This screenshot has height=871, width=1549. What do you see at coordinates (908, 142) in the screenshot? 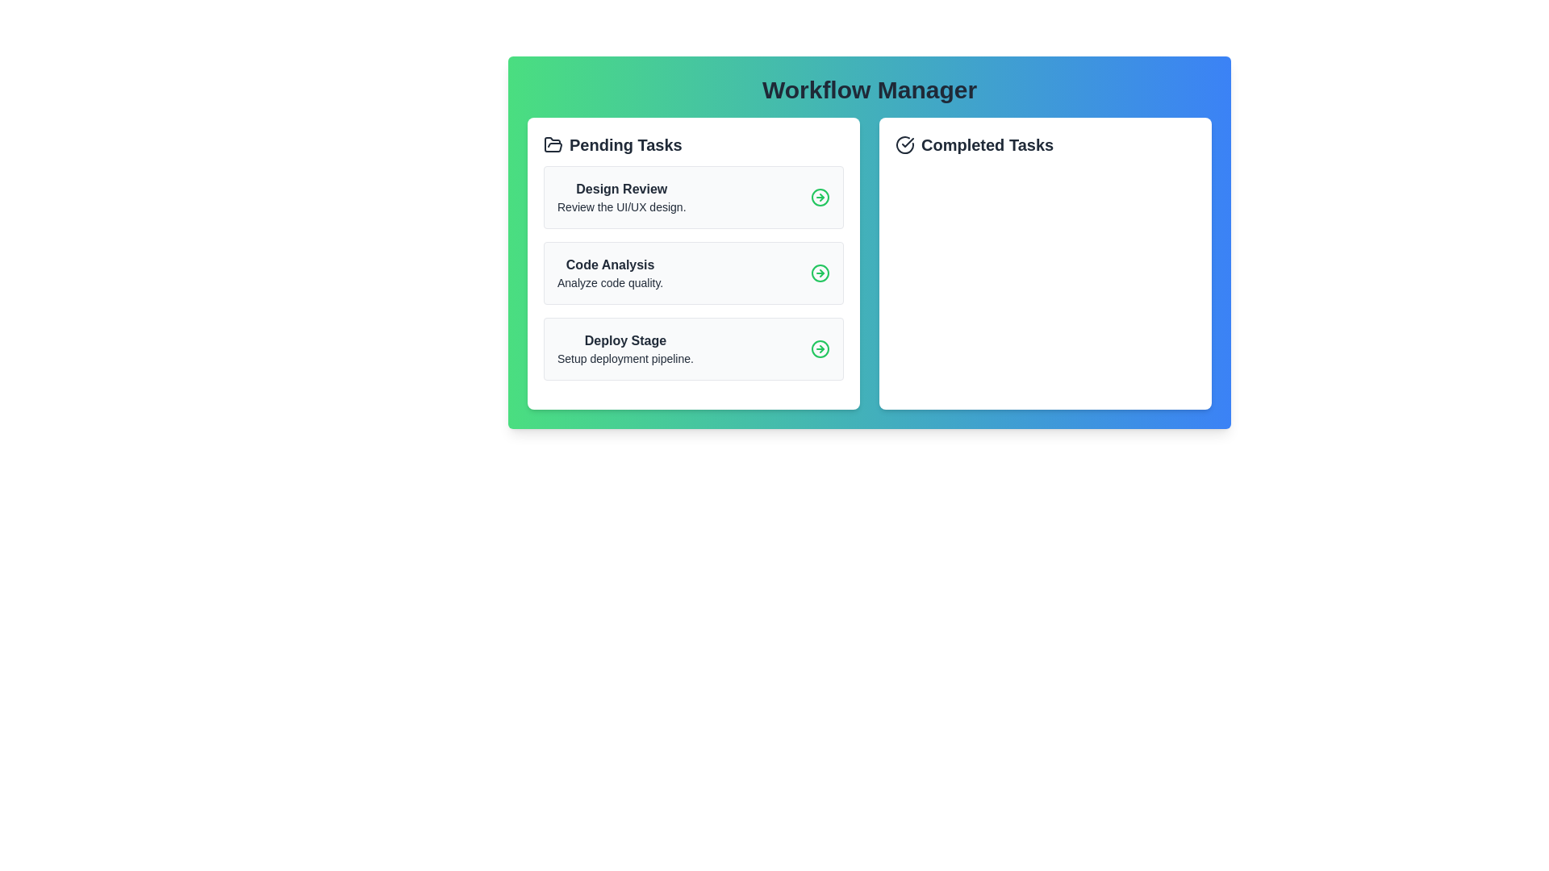
I see `the checkmark element within the circular indicator icon located next to 'Completed Tasks' in the 'Workflow Manager' interface` at bounding box center [908, 142].